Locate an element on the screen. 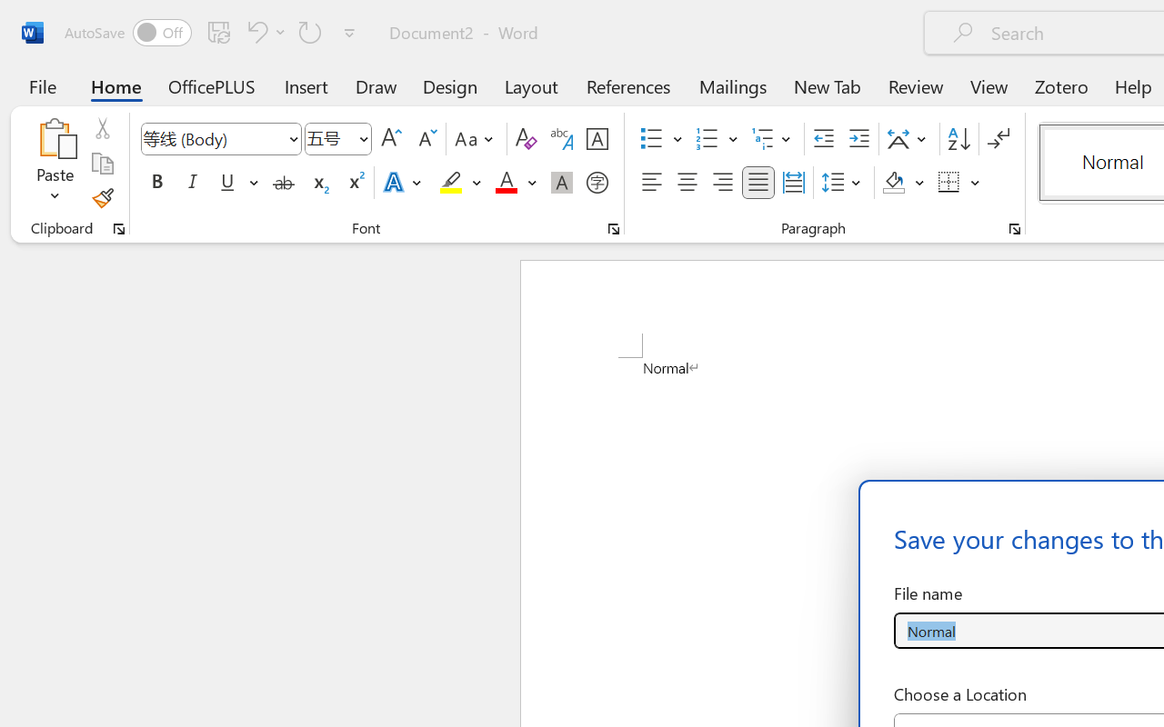  'Shrink Font' is located at coordinates (425, 139).